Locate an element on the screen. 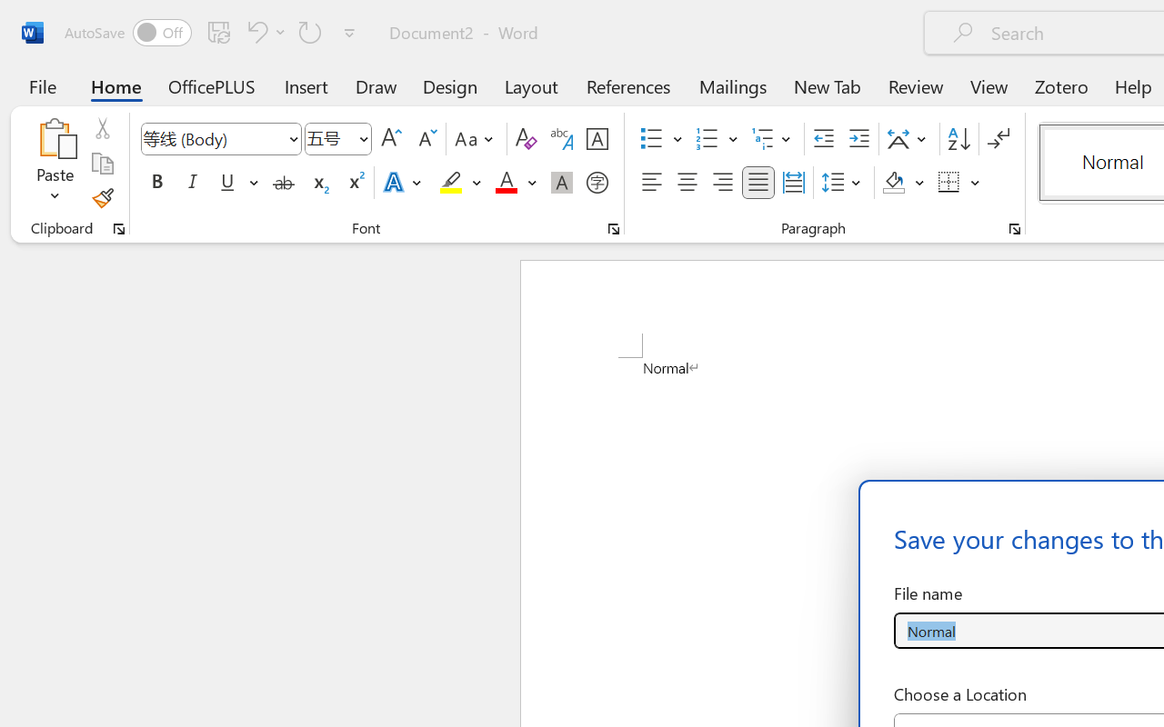  'Shrink Font' is located at coordinates (425, 139).